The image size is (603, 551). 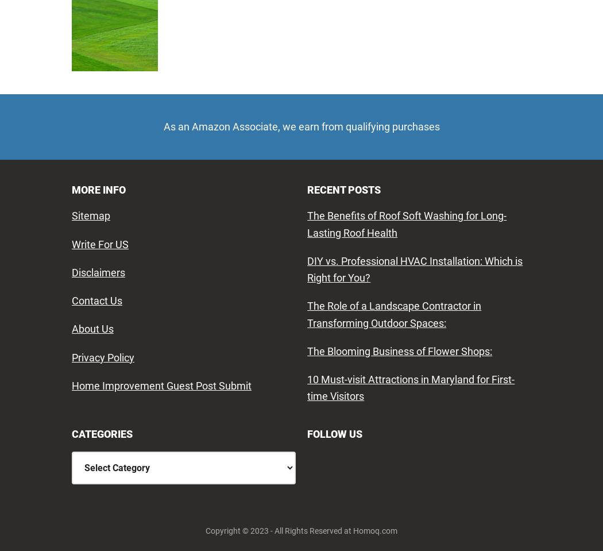 I want to click on 'Privacy Policy', so click(x=103, y=357).